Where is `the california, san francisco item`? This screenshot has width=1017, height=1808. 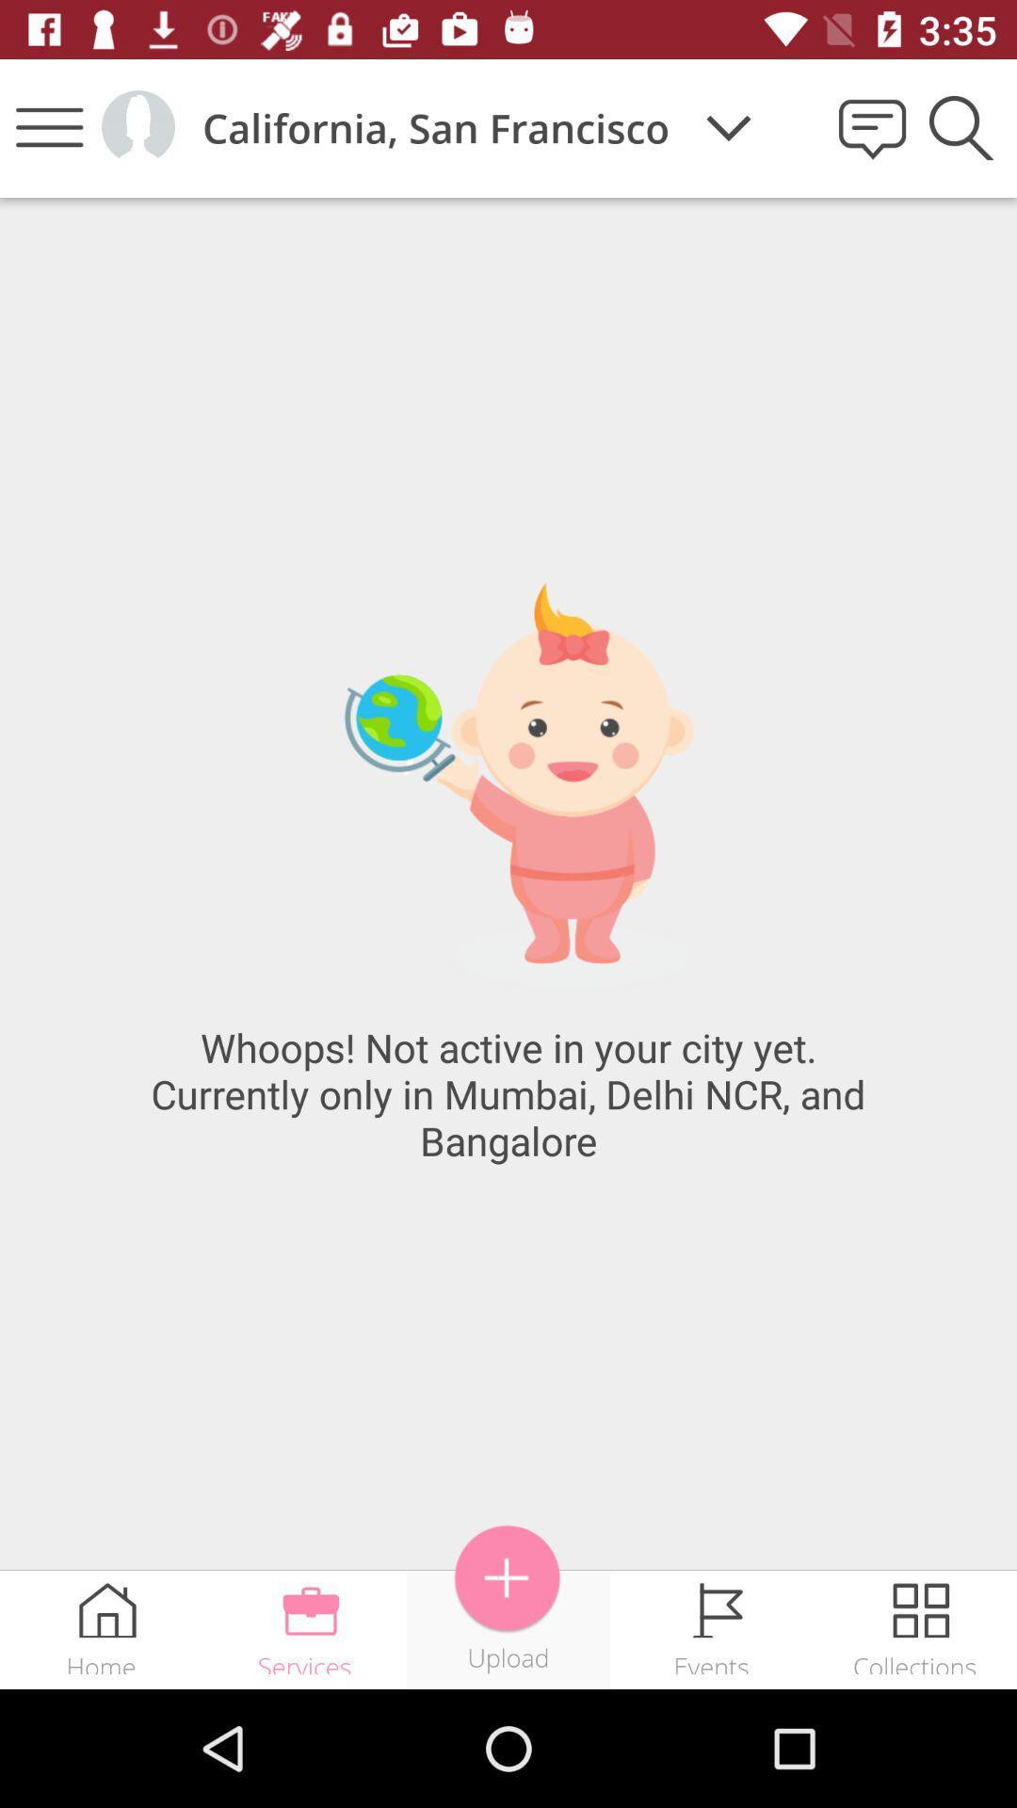 the california, san francisco item is located at coordinates (436, 127).